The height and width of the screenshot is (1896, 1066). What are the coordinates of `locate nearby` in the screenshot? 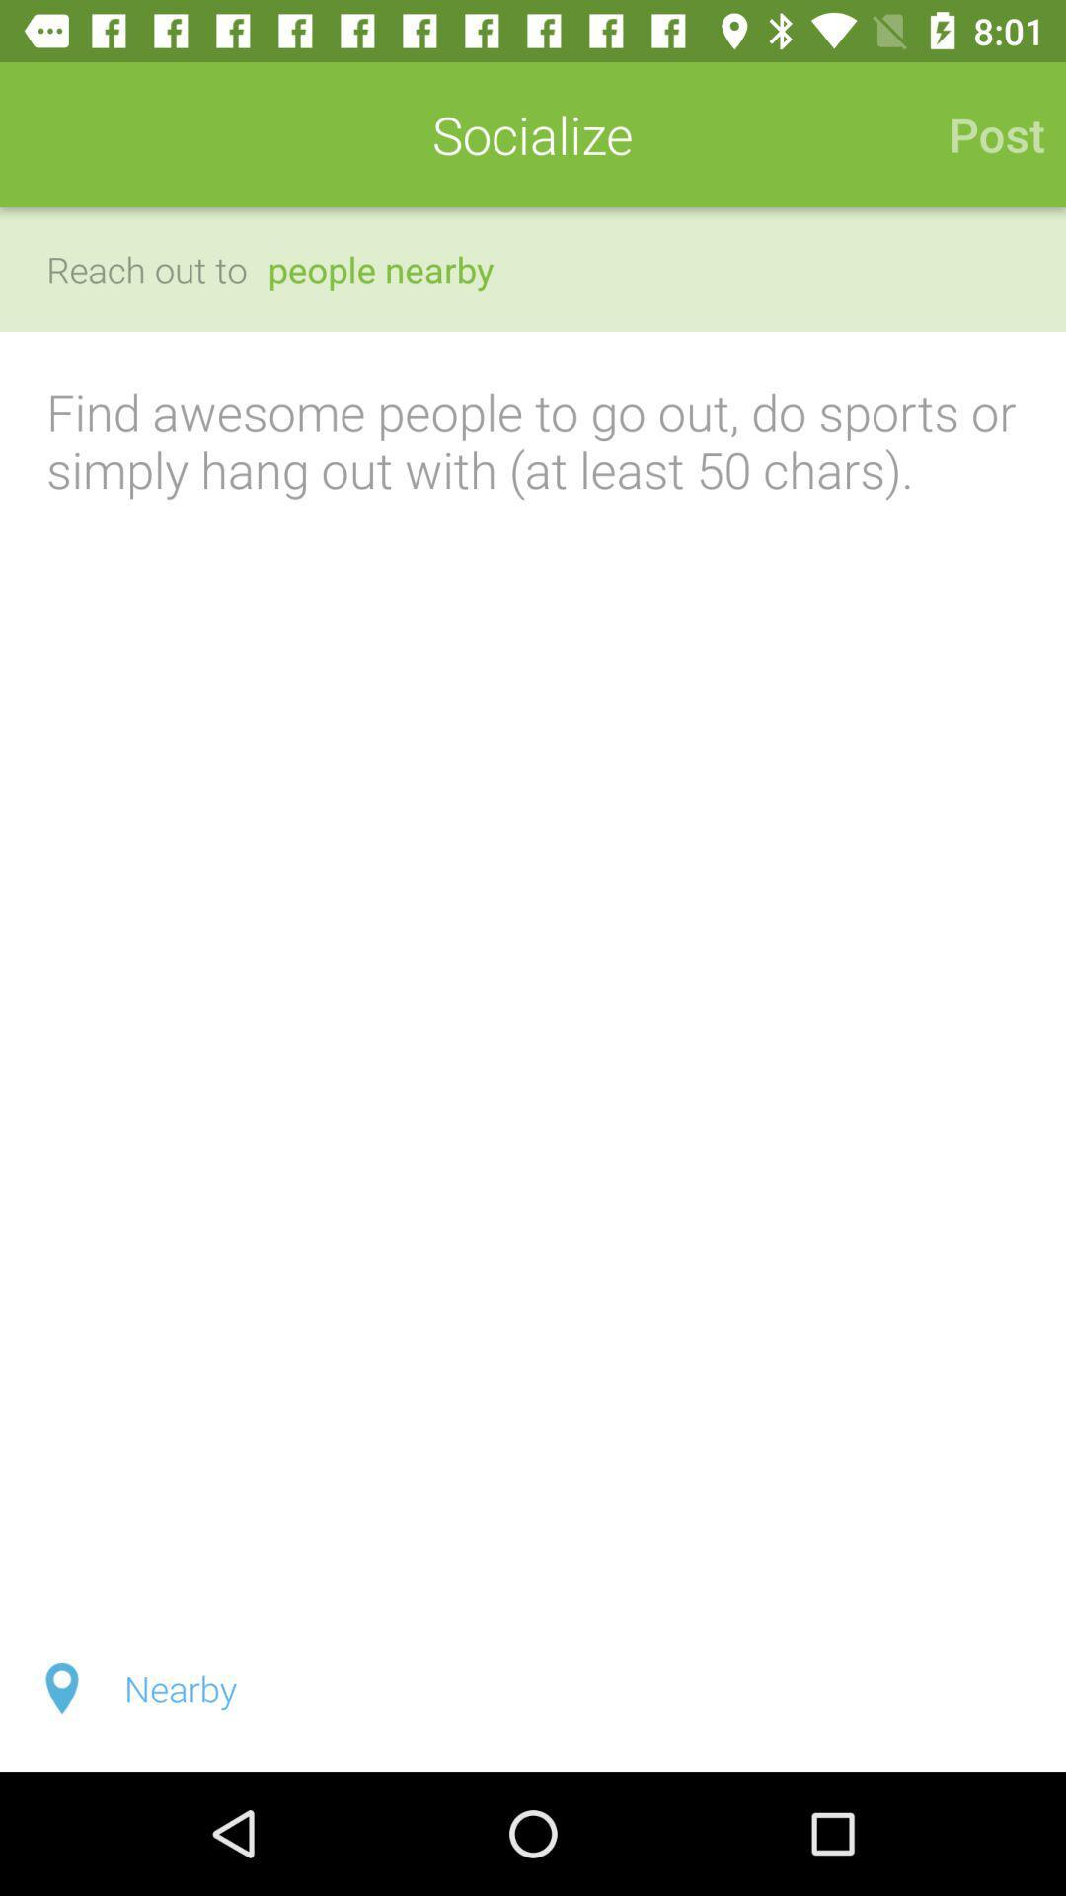 It's located at (533, 1687).